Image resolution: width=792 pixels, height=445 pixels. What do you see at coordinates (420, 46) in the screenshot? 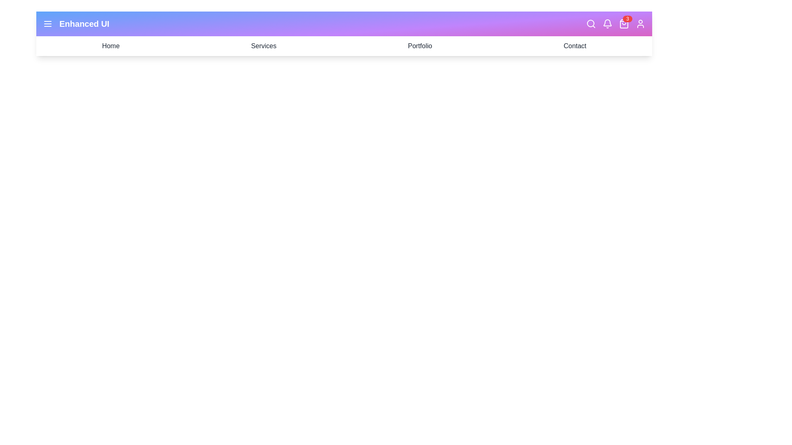
I see `the navigation link Portfolio` at bounding box center [420, 46].